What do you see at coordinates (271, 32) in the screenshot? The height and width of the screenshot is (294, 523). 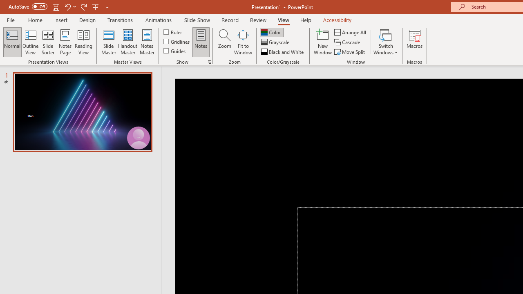 I see `'Color'` at bounding box center [271, 32].